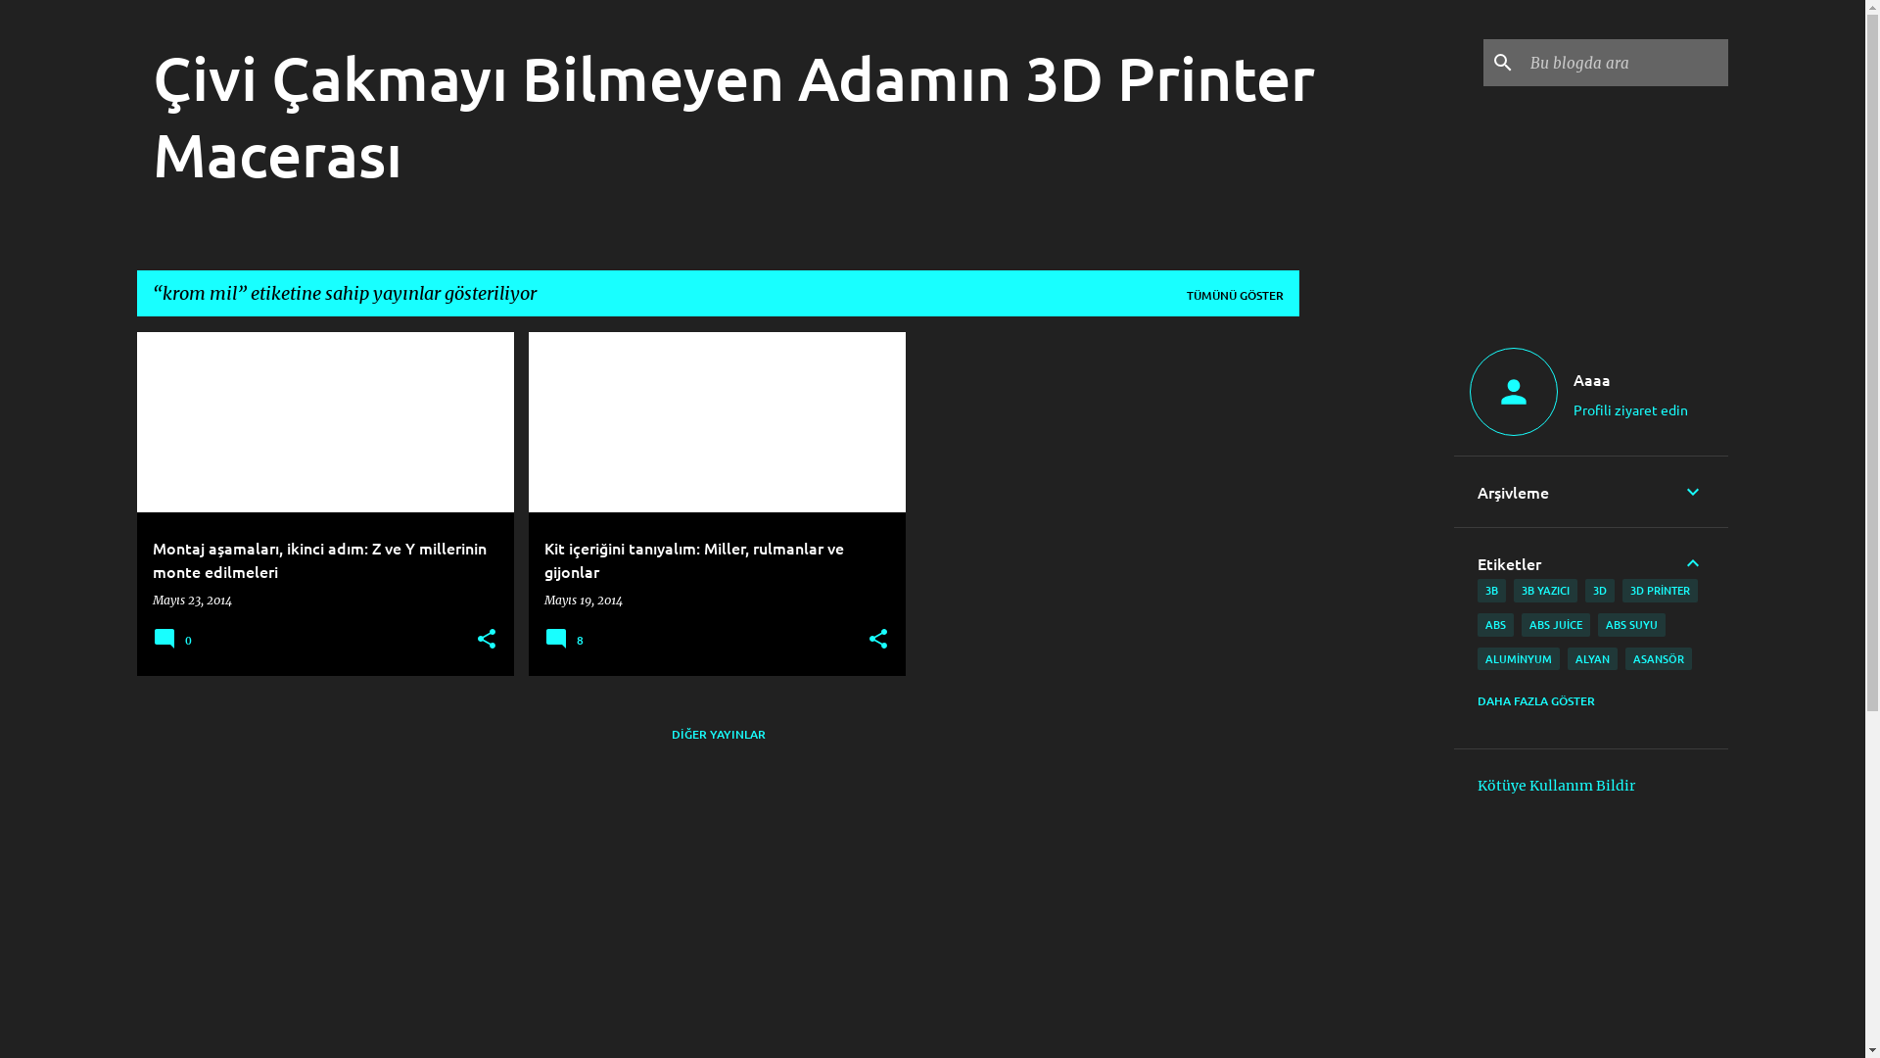  What do you see at coordinates (566, 646) in the screenshot?
I see `'8'` at bounding box center [566, 646].